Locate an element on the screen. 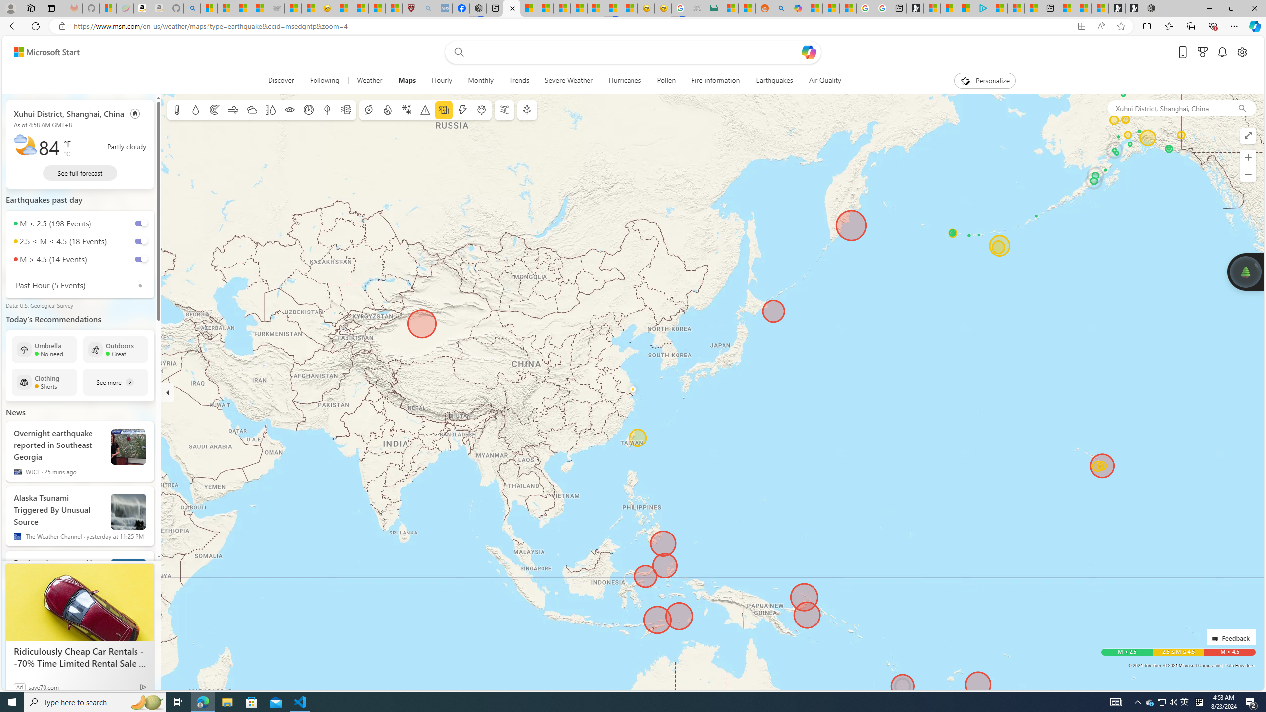  'Pollen' is located at coordinates (665, 80).